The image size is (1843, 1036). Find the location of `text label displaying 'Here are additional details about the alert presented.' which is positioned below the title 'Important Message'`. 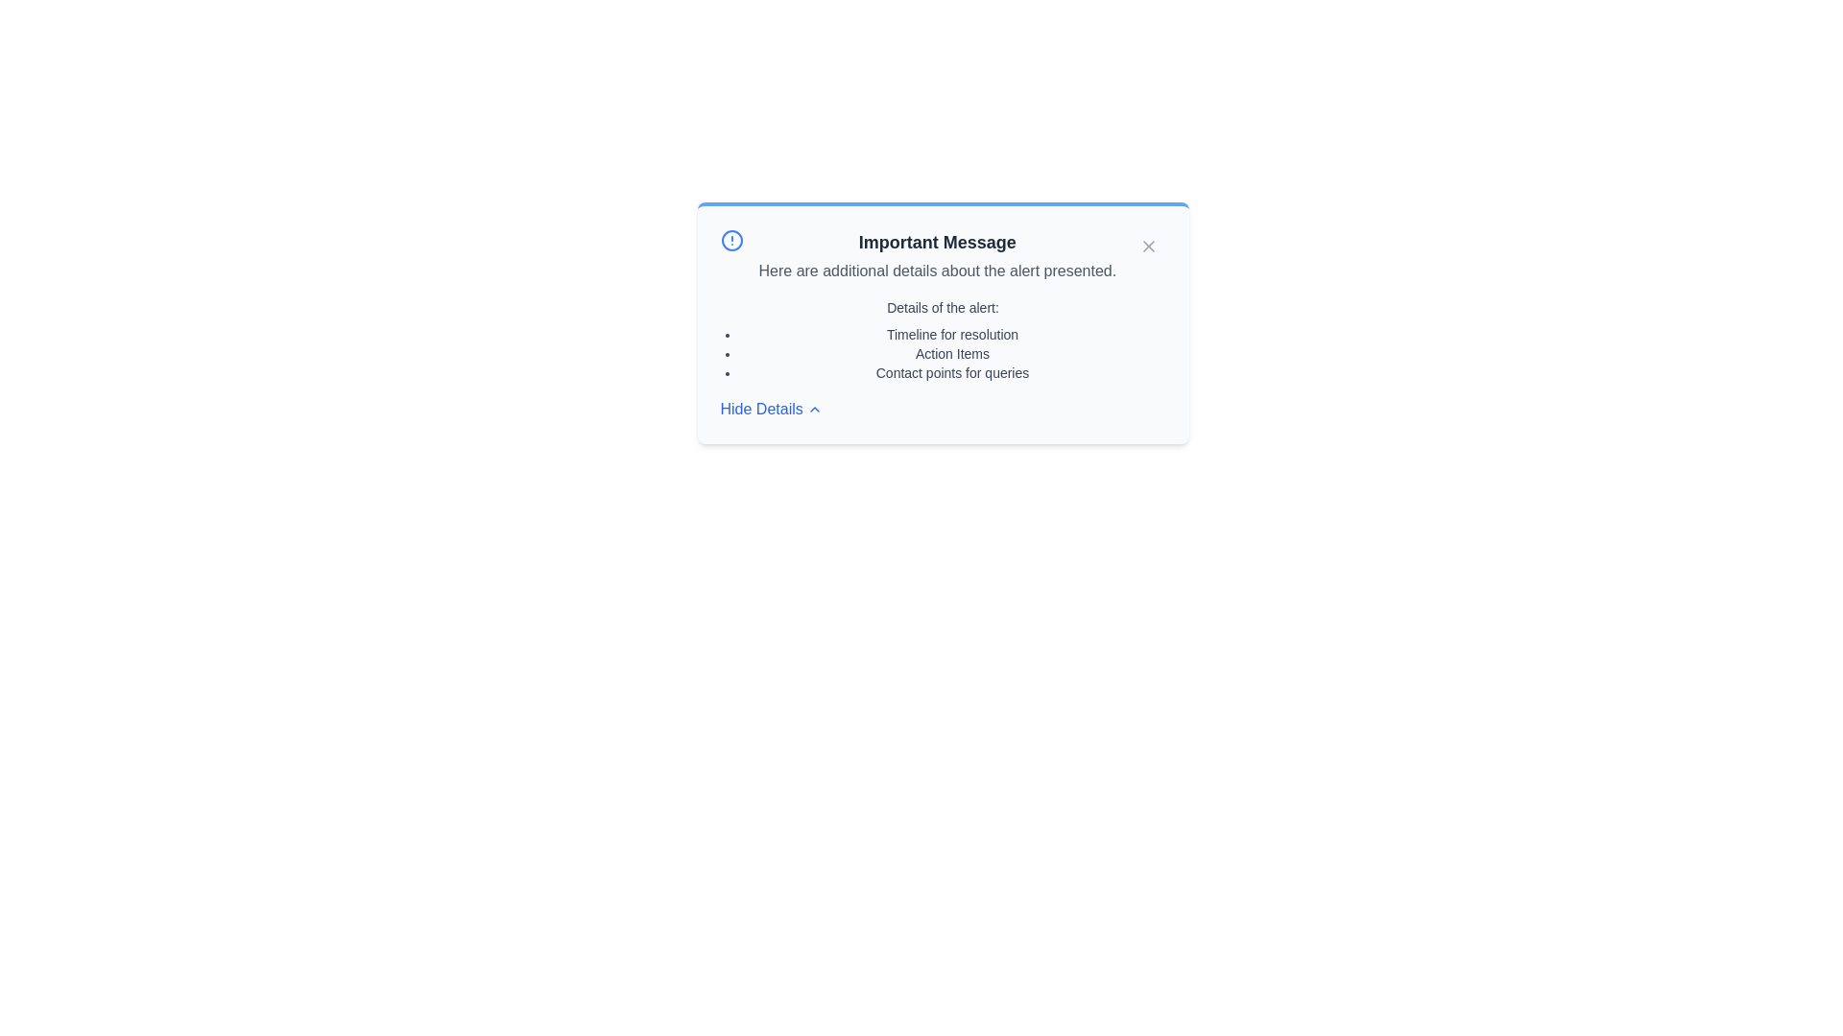

text label displaying 'Here are additional details about the alert presented.' which is positioned below the title 'Important Message' is located at coordinates (937, 271).